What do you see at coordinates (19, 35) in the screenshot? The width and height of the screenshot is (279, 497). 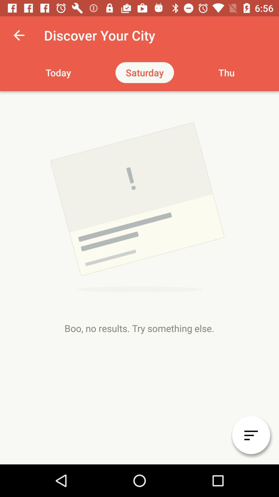 I see `the app next to  discover your city item` at bounding box center [19, 35].